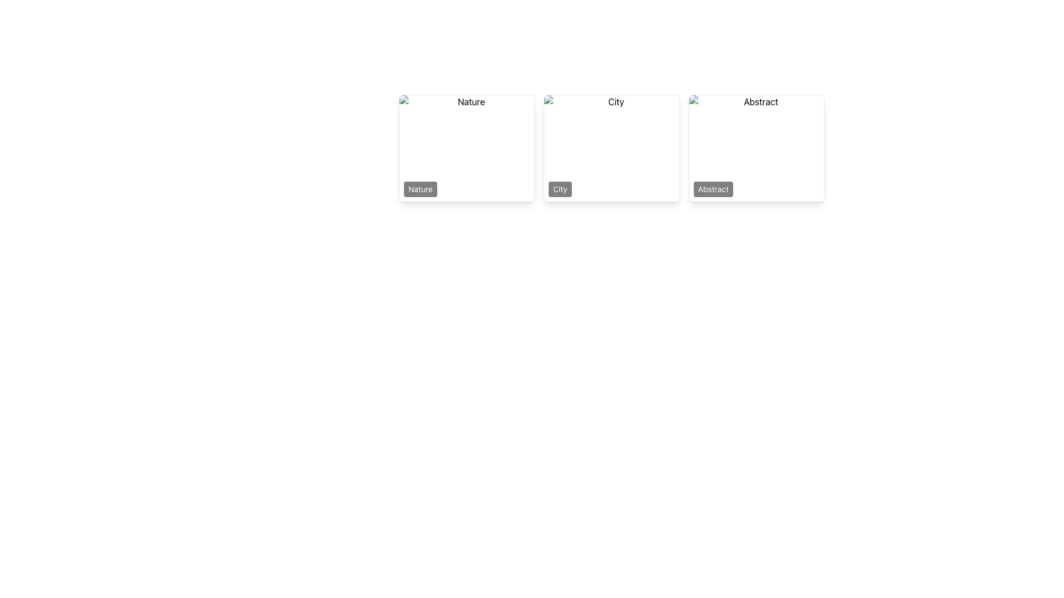 This screenshot has height=598, width=1064. I want to click on informational label located in the bottom-left corner of the 'Nature' card, which helps identify the card's thematic content, so click(420, 189).